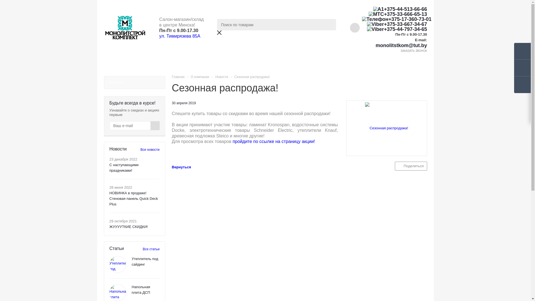 The height and width of the screenshot is (301, 535). Describe the element at coordinates (394, 9) in the screenshot. I see `'+375-44-513-66-66'` at that location.